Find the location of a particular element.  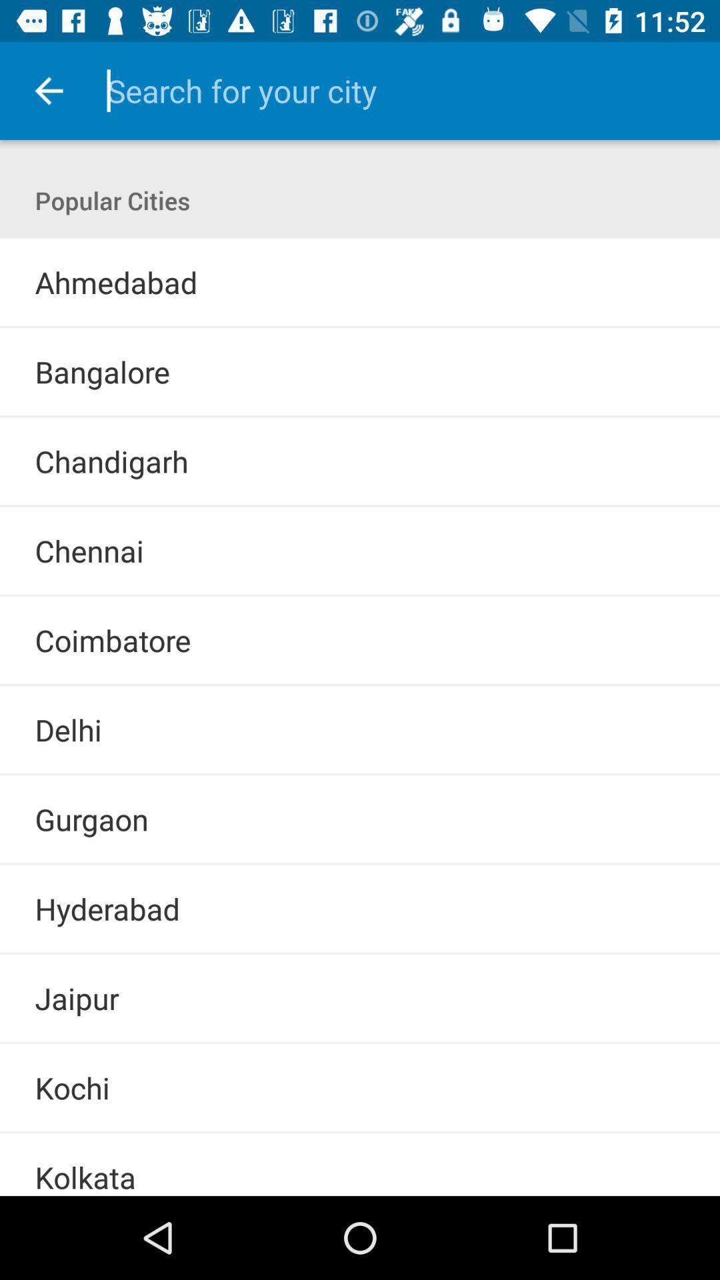

item above the chennai icon is located at coordinates (360, 505).